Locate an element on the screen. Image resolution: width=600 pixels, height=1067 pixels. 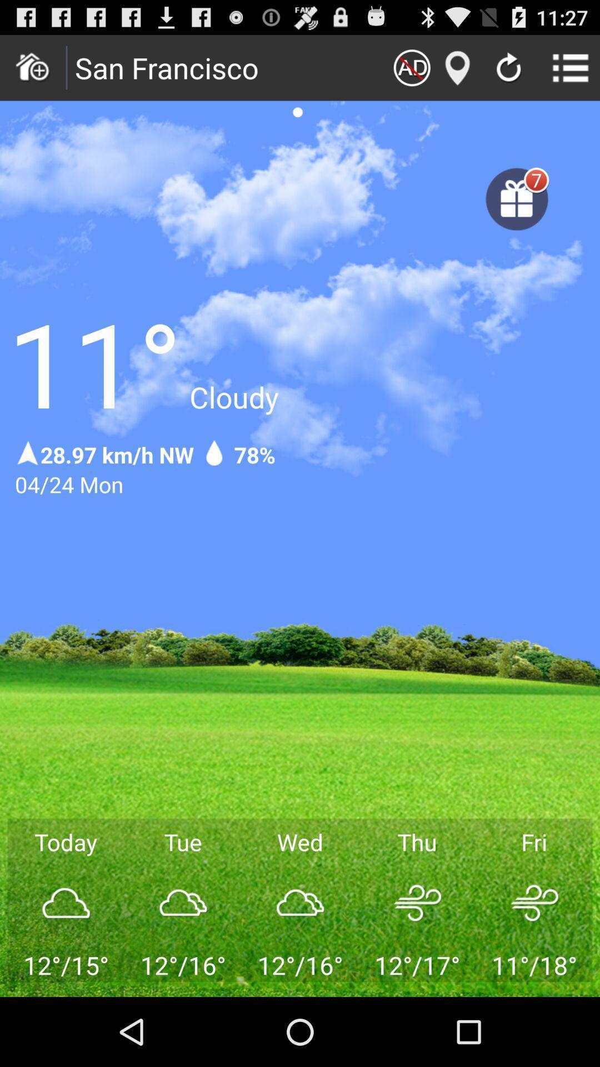
the location icon is located at coordinates (457, 72).